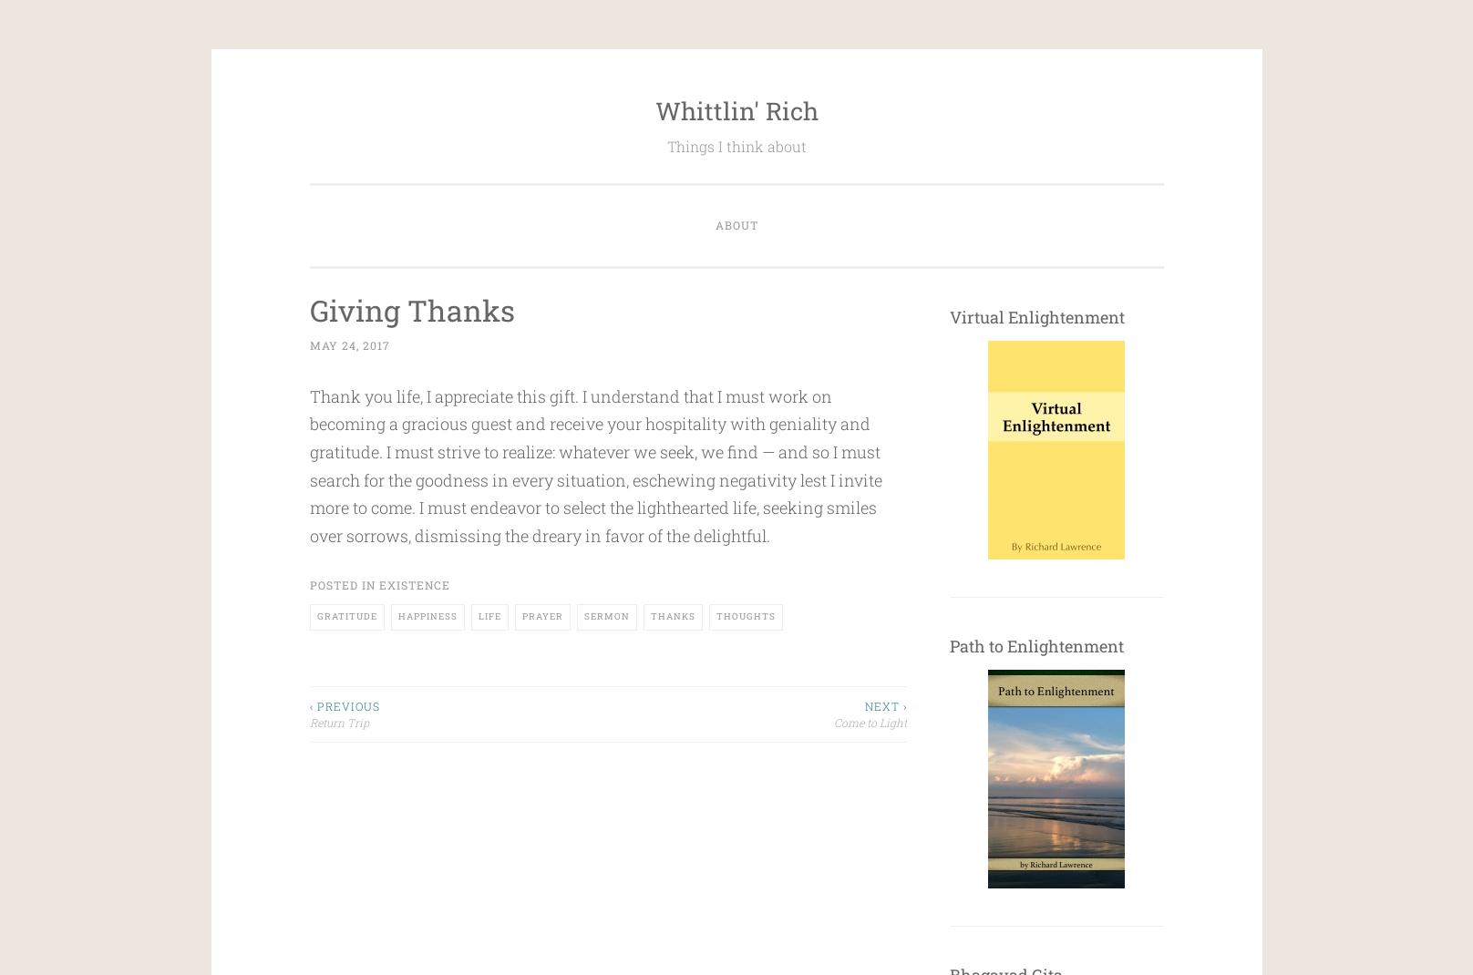  What do you see at coordinates (735, 110) in the screenshot?
I see `'Whittlin' Rich'` at bounding box center [735, 110].